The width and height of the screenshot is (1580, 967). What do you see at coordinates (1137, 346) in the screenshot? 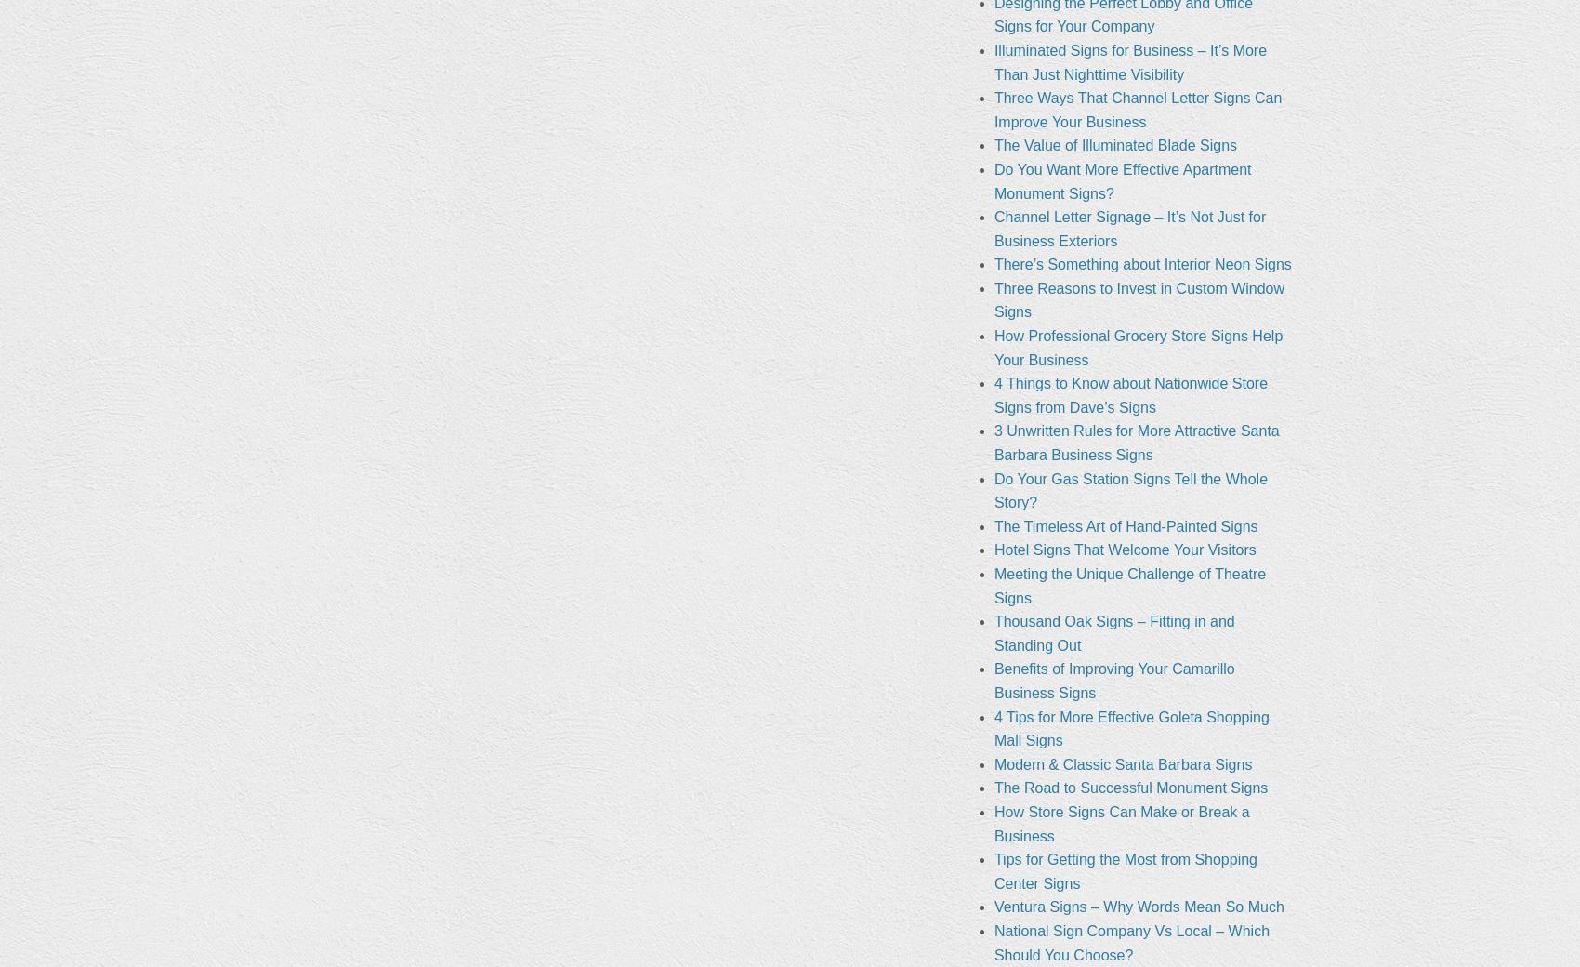
I see `'How Professional Grocery Store Signs Help Your Business'` at bounding box center [1137, 346].